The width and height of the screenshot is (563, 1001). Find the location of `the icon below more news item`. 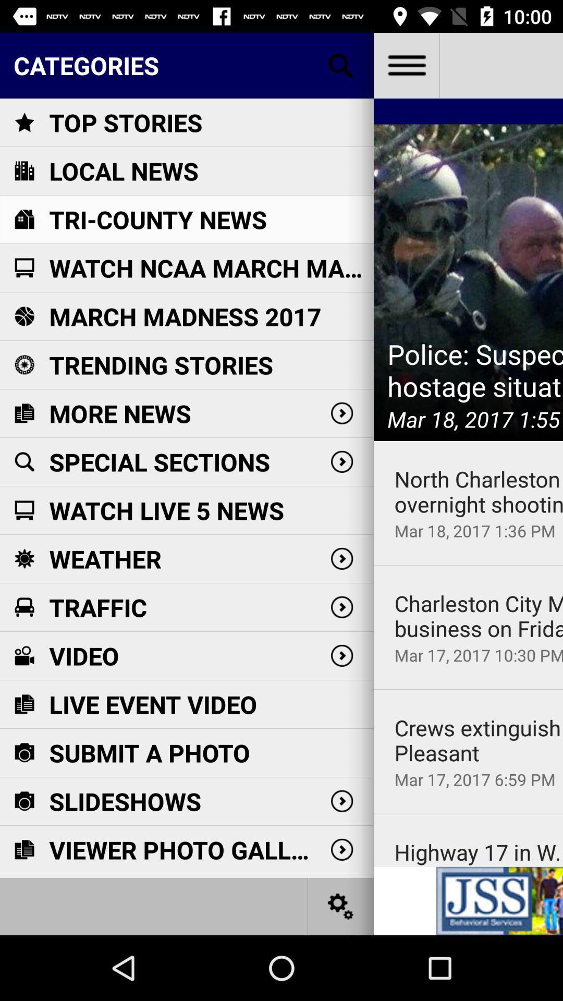

the icon below more news item is located at coordinates (160, 461).